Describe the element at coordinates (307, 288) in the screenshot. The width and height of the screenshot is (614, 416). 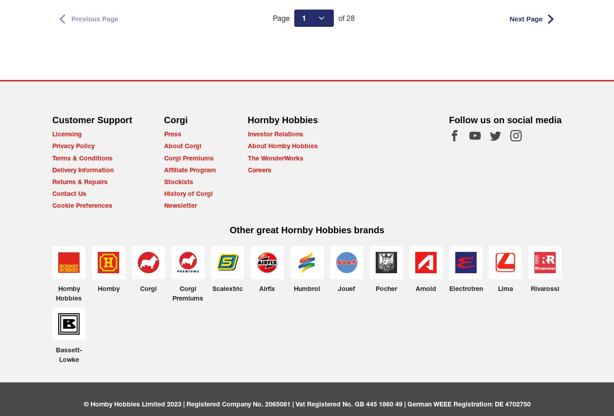
I see `'Humbrol'` at that location.